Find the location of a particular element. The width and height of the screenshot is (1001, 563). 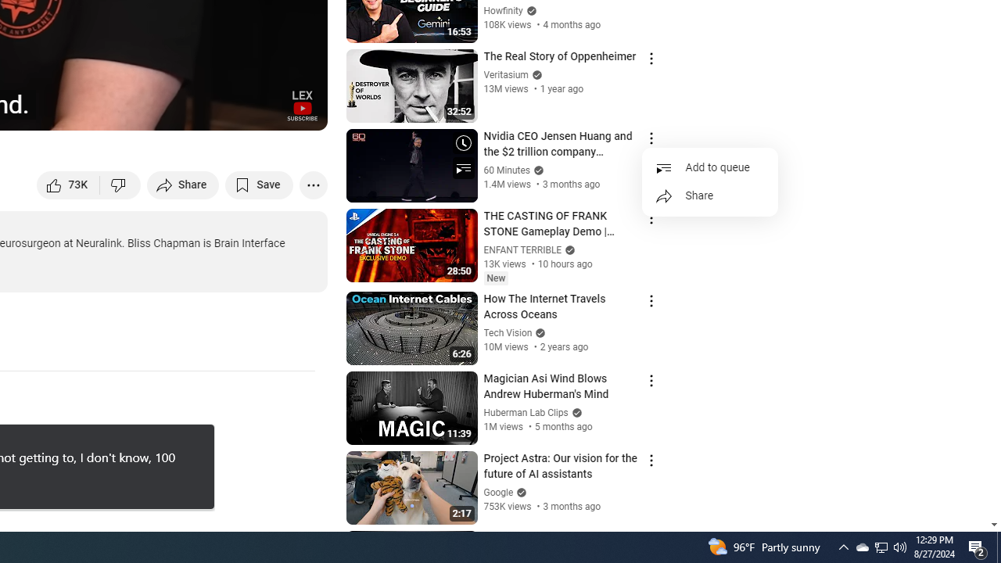

'Add to queue' is located at coordinates (709, 168).